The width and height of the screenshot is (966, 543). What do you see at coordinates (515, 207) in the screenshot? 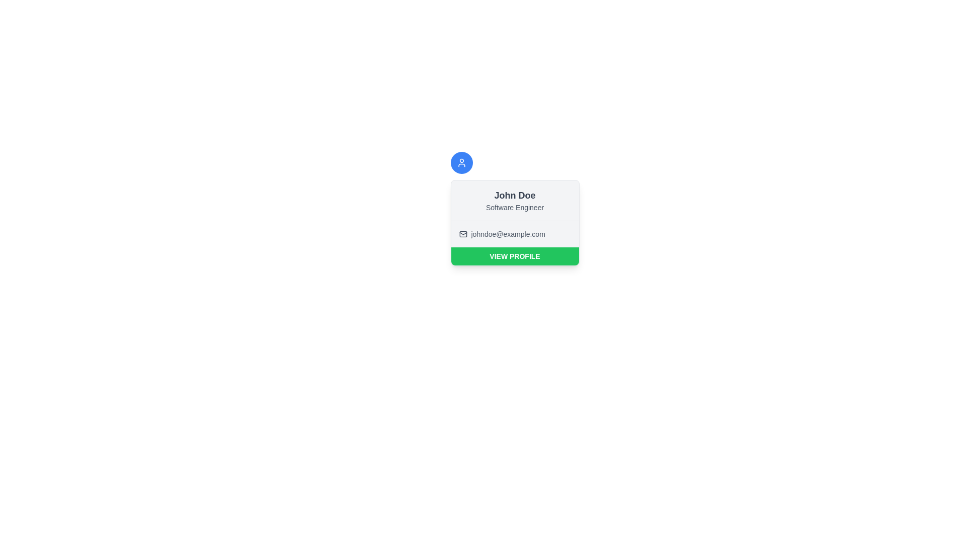
I see `the text label displaying the job title 'Software Engineer', which is styled with a smaller font size and a gray color scheme, located under the name 'John Doe' in the card layout` at bounding box center [515, 207].